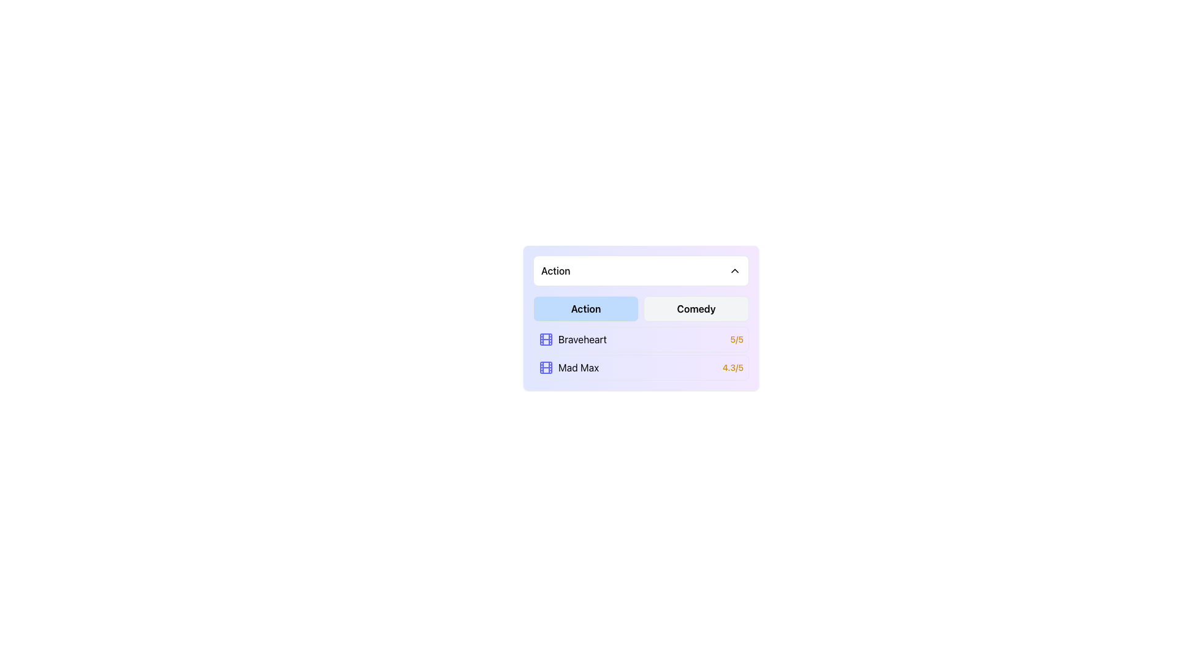 The image size is (1177, 662). I want to click on the horizontal list of movie entries, which includes 'Braveheart' and 'Mad Max' with their ratings, so click(641, 354).